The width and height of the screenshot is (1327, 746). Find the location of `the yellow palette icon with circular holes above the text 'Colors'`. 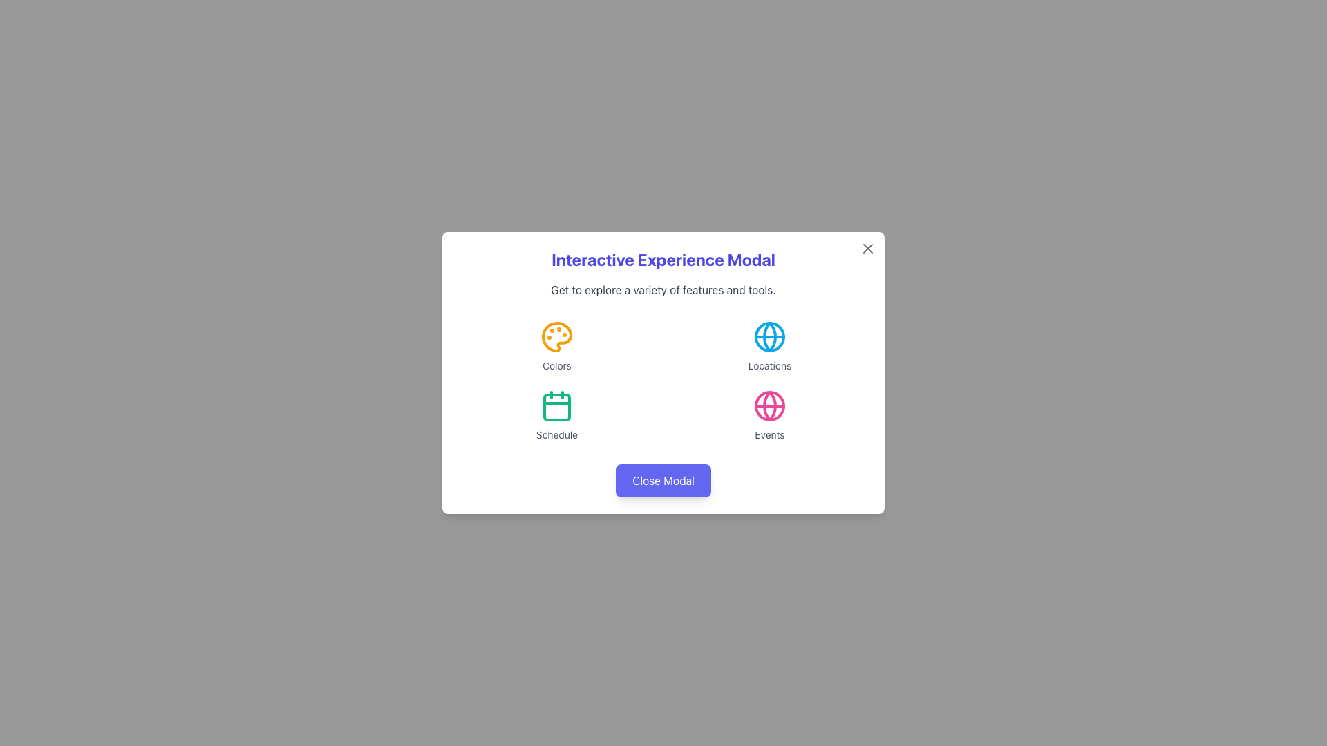

the yellow palette icon with circular holes above the text 'Colors' is located at coordinates (557, 345).